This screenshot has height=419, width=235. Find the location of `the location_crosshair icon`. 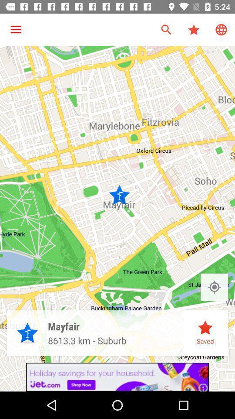

the location_crosshair icon is located at coordinates (214, 287).